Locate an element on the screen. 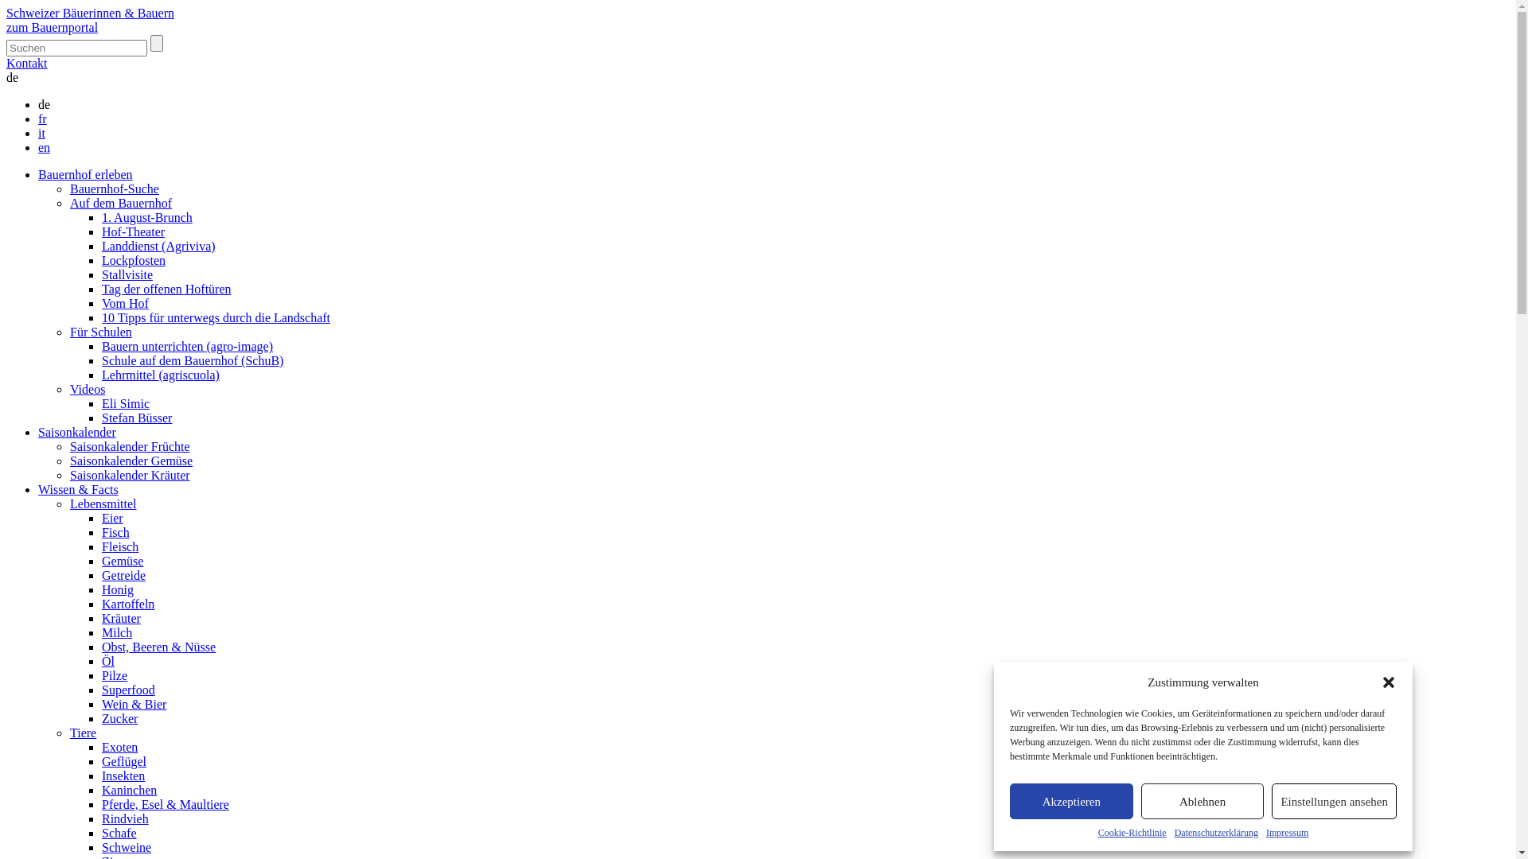 Image resolution: width=1528 pixels, height=859 pixels. 'Videos' is located at coordinates (87, 389).